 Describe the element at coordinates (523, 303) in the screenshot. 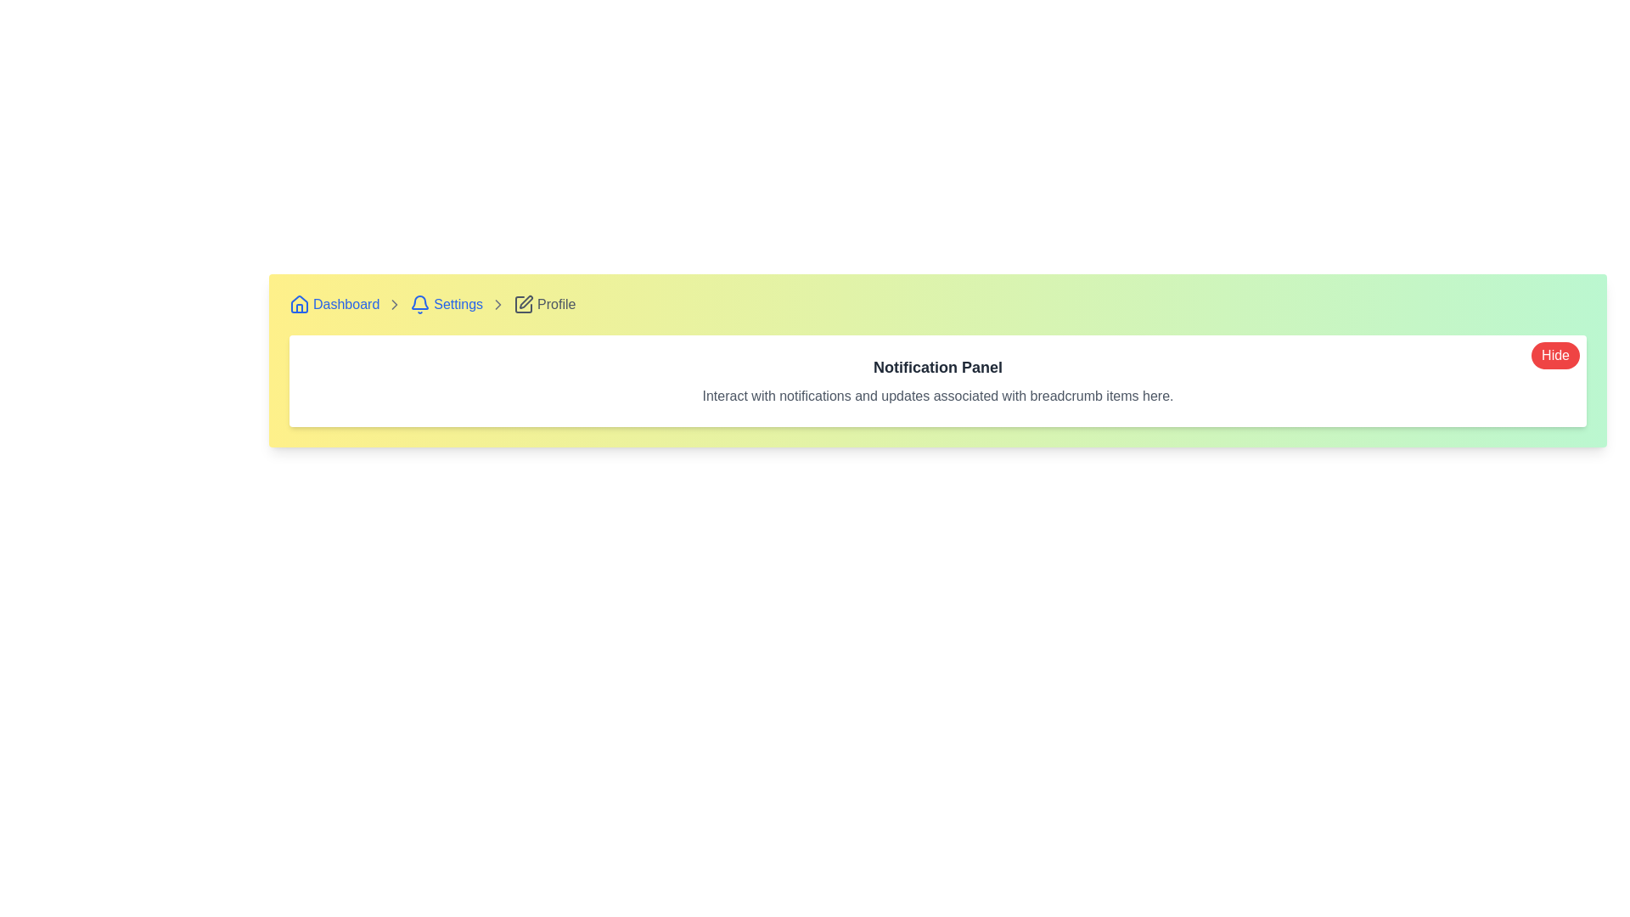

I see `the icon resembling a square with a pen symbol in the center, located in the breadcrumb navigation bar before the 'Profile' text` at that location.